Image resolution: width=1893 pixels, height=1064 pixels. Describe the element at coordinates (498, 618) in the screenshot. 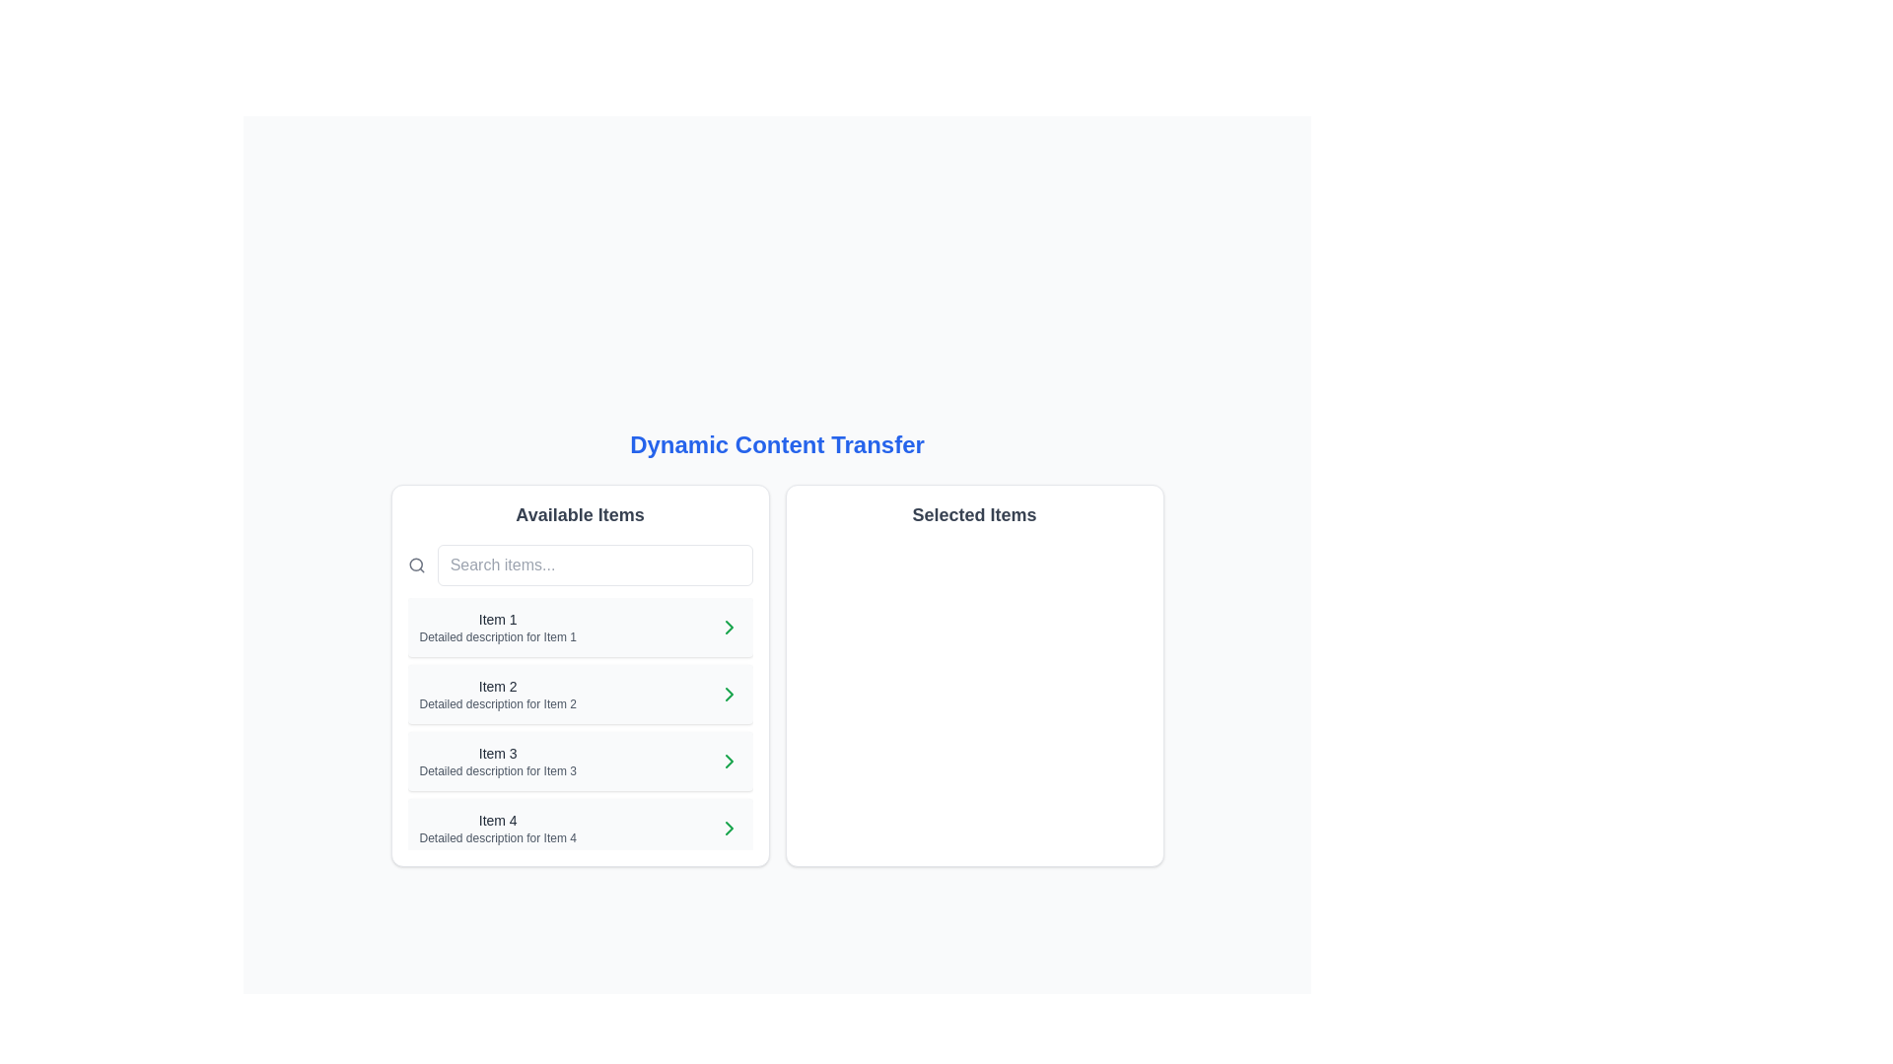

I see `text of the label displaying 'Item 1' in bold, located above the description in the first card under the 'Available Items' section` at that location.